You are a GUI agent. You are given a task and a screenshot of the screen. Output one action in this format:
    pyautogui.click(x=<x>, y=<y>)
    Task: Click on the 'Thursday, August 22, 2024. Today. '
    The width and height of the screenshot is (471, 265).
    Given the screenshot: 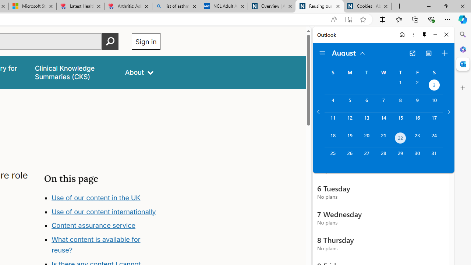 What is the action you would take?
    pyautogui.click(x=400, y=139)
    